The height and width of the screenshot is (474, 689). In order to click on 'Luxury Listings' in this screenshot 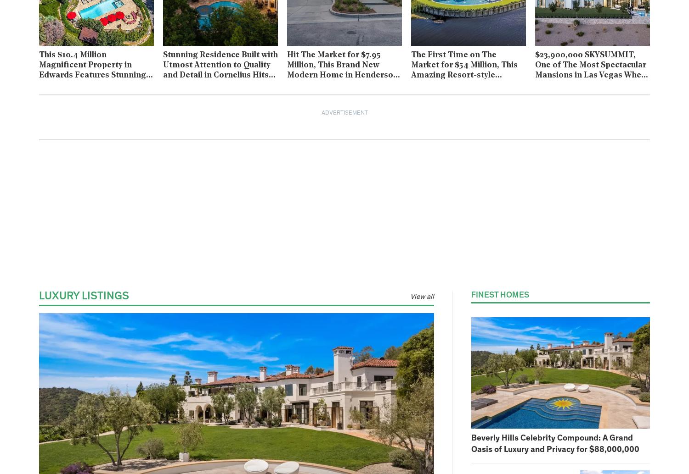, I will do `click(84, 296)`.